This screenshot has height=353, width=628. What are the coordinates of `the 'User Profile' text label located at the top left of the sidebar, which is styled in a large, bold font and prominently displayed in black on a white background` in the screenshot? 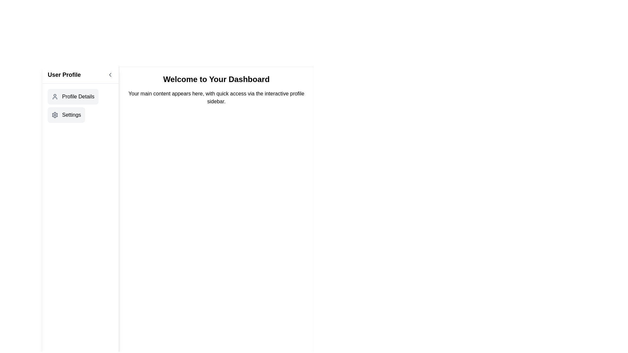 It's located at (64, 74).